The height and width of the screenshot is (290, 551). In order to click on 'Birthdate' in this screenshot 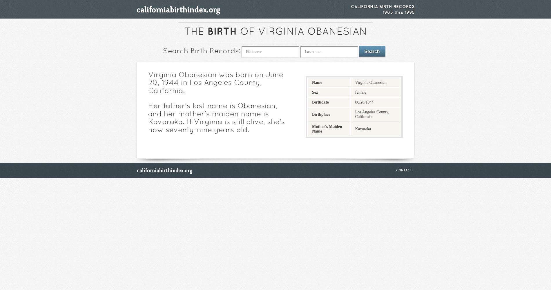, I will do `click(312, 101)`.